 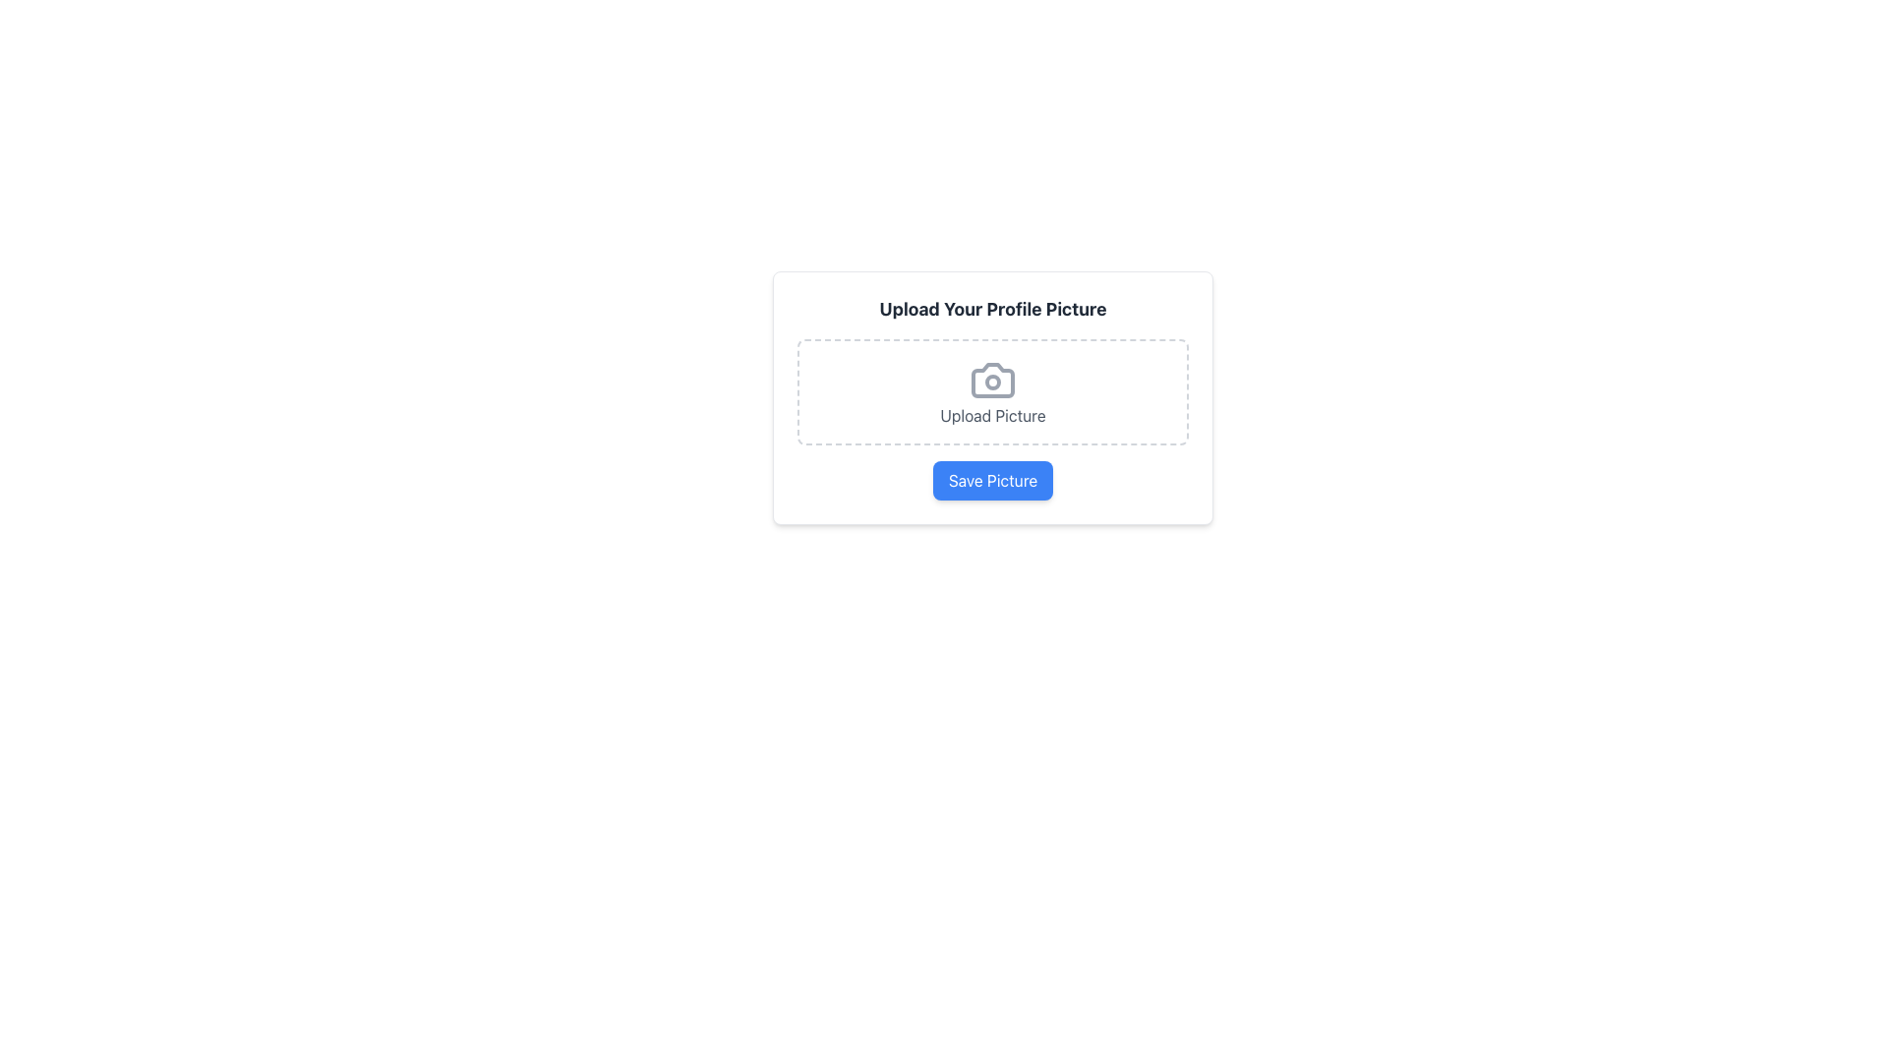 What do you see at coordinates (992, 380) in the screenshot?
I see `the camera icon located in the center of the dashed rectangular upload area labeled 'Upload Picture'` at bounding box center [992, 380].